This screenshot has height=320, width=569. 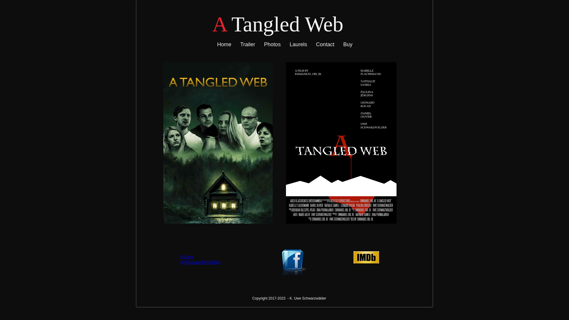 What do you see at coordinates (348, 44) in the screenshot?
I see `'Buy'` at bounding box center [348, 44].